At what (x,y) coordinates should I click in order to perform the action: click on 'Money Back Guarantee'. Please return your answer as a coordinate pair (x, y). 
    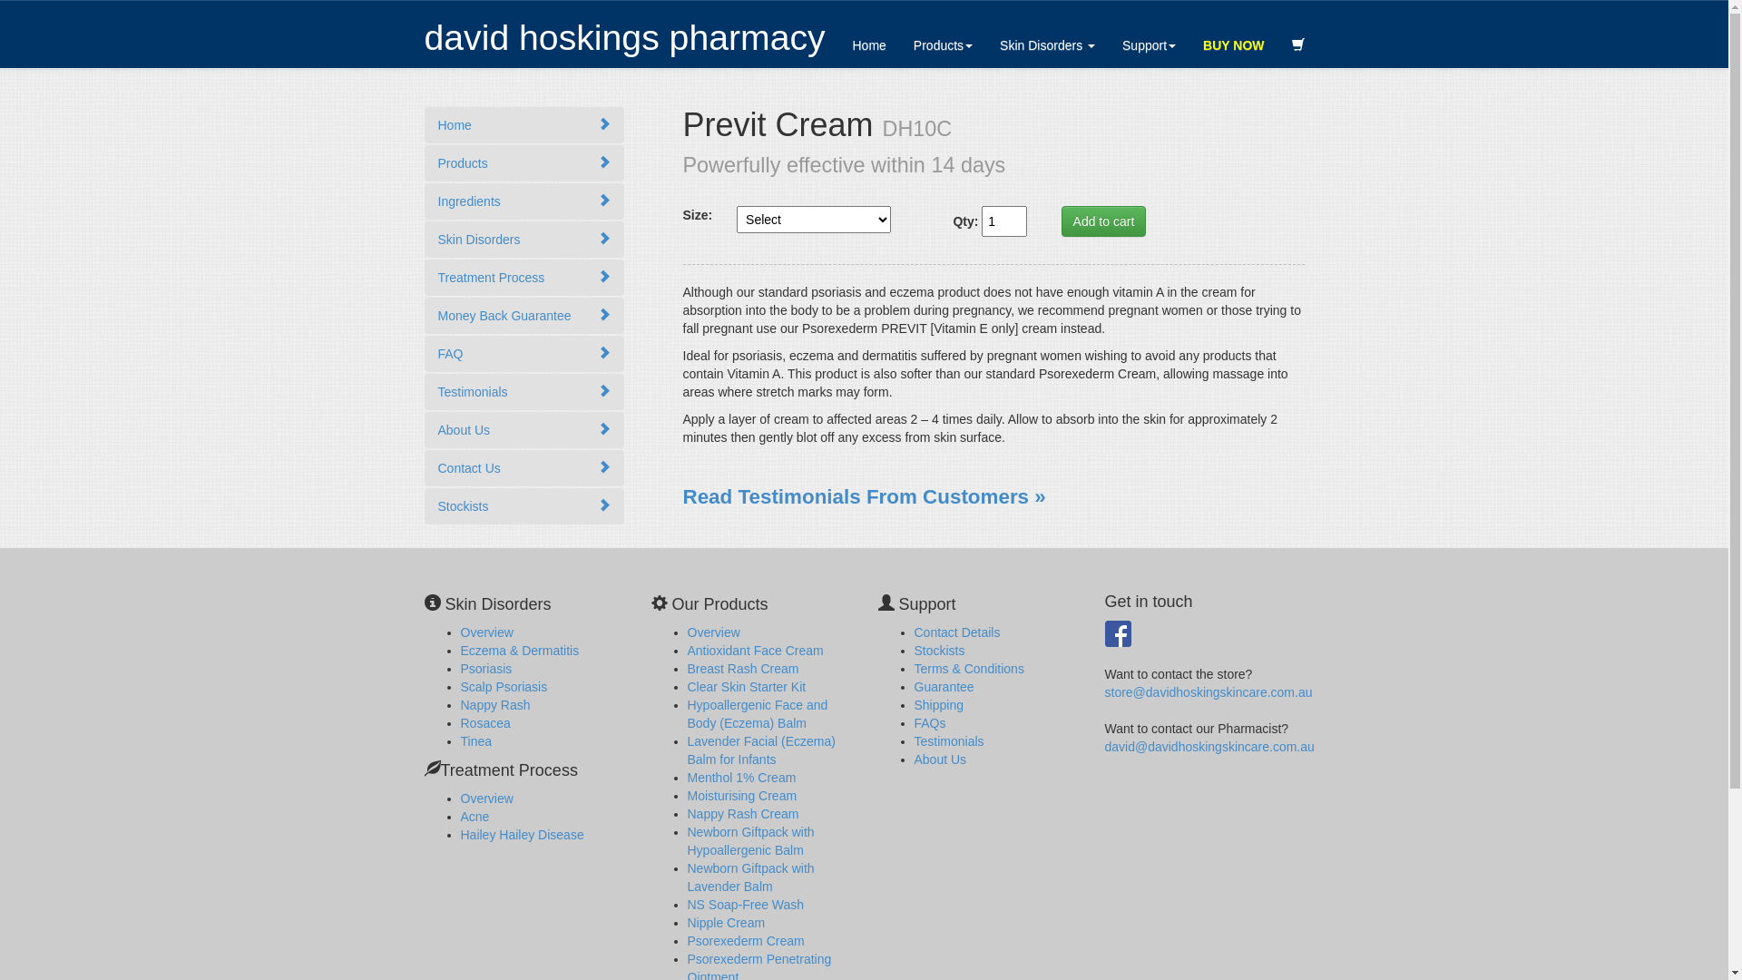
    Looking at the image, I should click on (523, 314).